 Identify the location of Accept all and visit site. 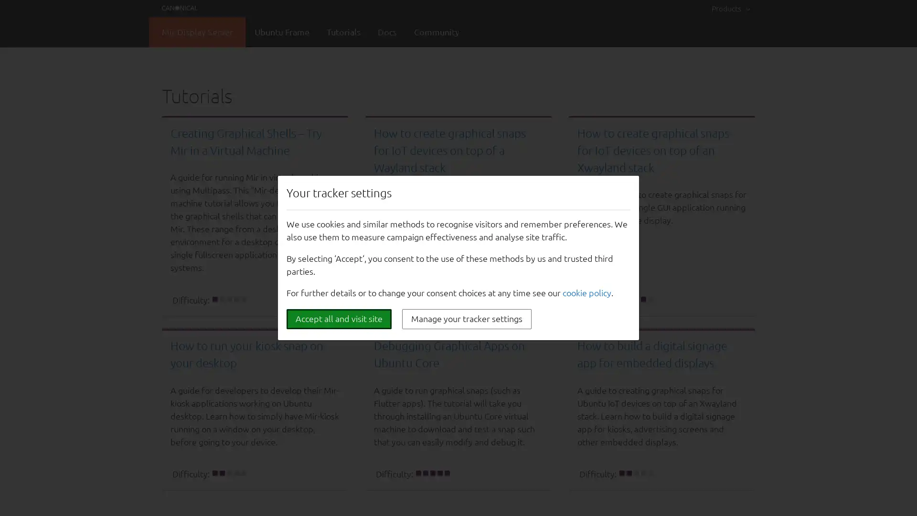
(339, 319).